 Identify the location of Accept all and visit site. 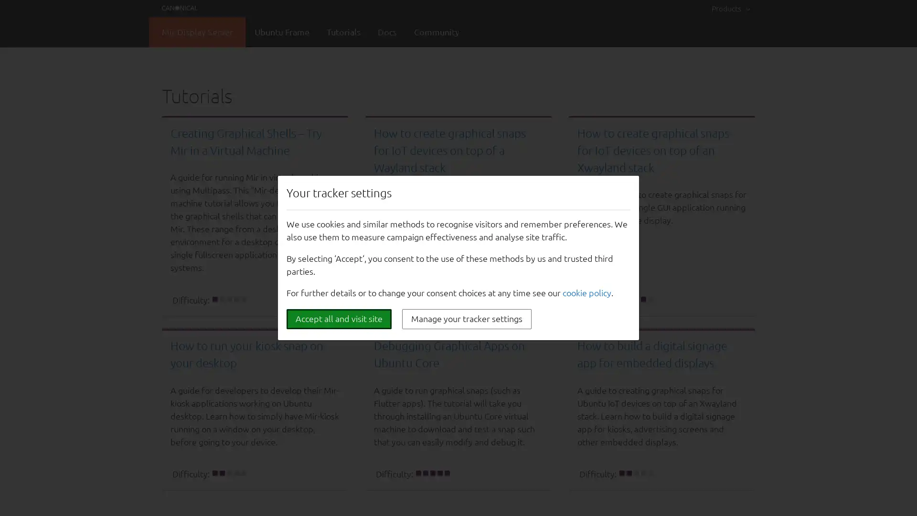
(339, 319).